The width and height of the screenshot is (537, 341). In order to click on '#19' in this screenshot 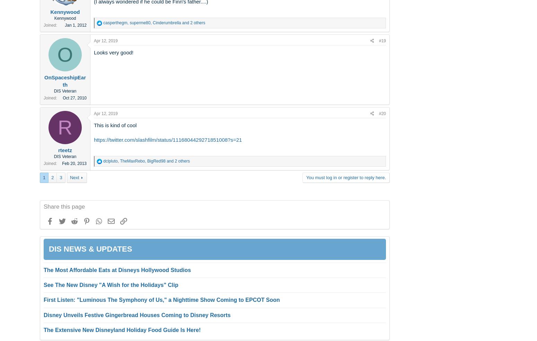, I will do `click(382, 40)`.